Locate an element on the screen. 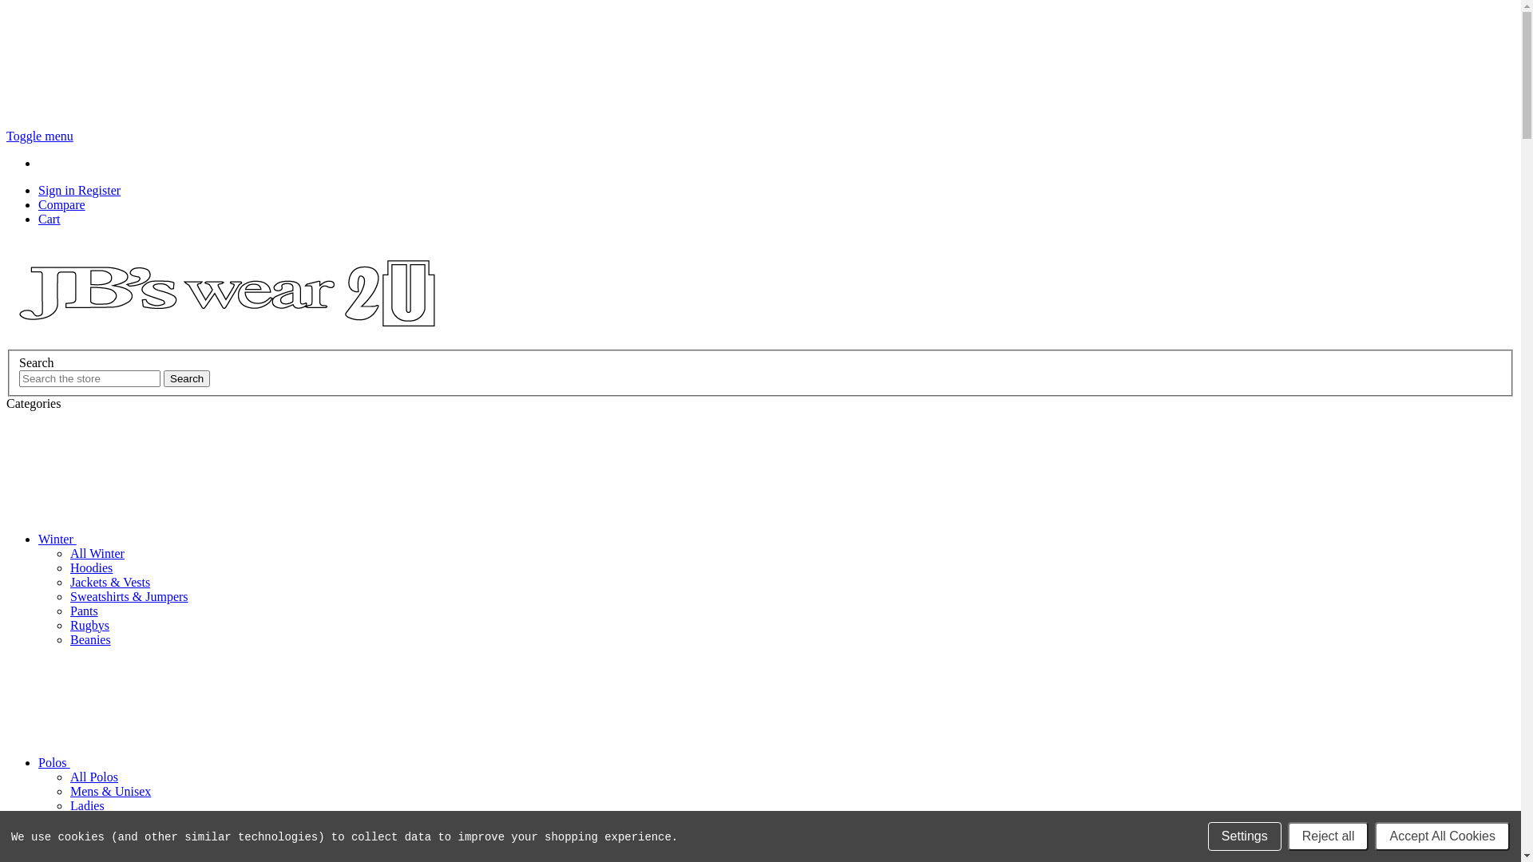  'Kids' is located at coordinates (69, 820).